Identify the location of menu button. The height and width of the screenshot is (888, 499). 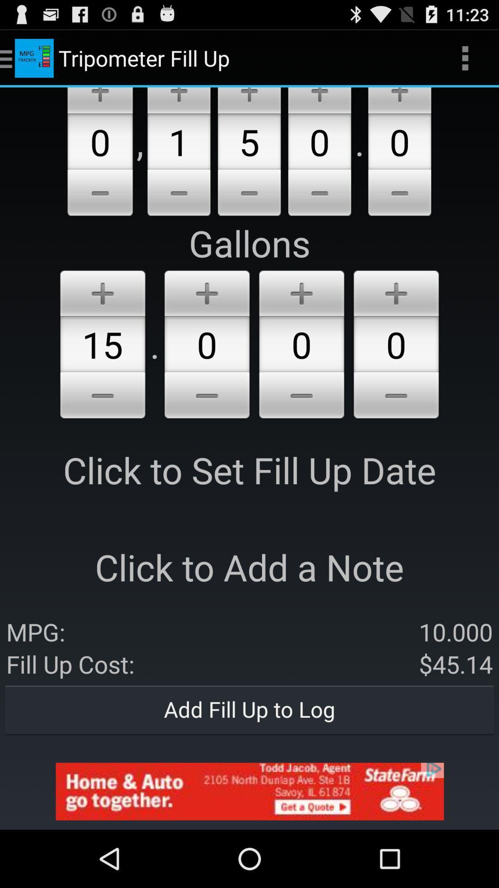
(207, 397).